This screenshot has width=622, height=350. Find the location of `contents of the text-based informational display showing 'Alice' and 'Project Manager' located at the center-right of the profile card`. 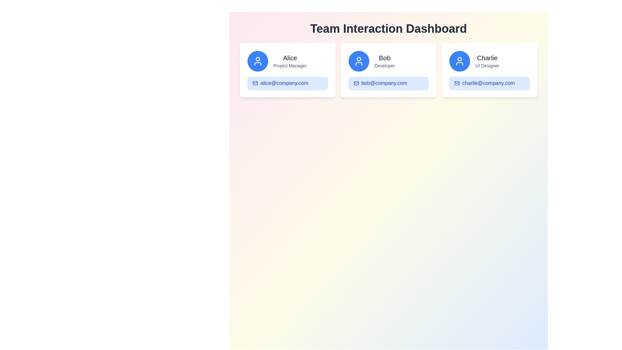

contents of the text-based informational display showing 'Alice' and 'Project Manager' located at the center-right of the profile card is located at coordinates (290, 61).